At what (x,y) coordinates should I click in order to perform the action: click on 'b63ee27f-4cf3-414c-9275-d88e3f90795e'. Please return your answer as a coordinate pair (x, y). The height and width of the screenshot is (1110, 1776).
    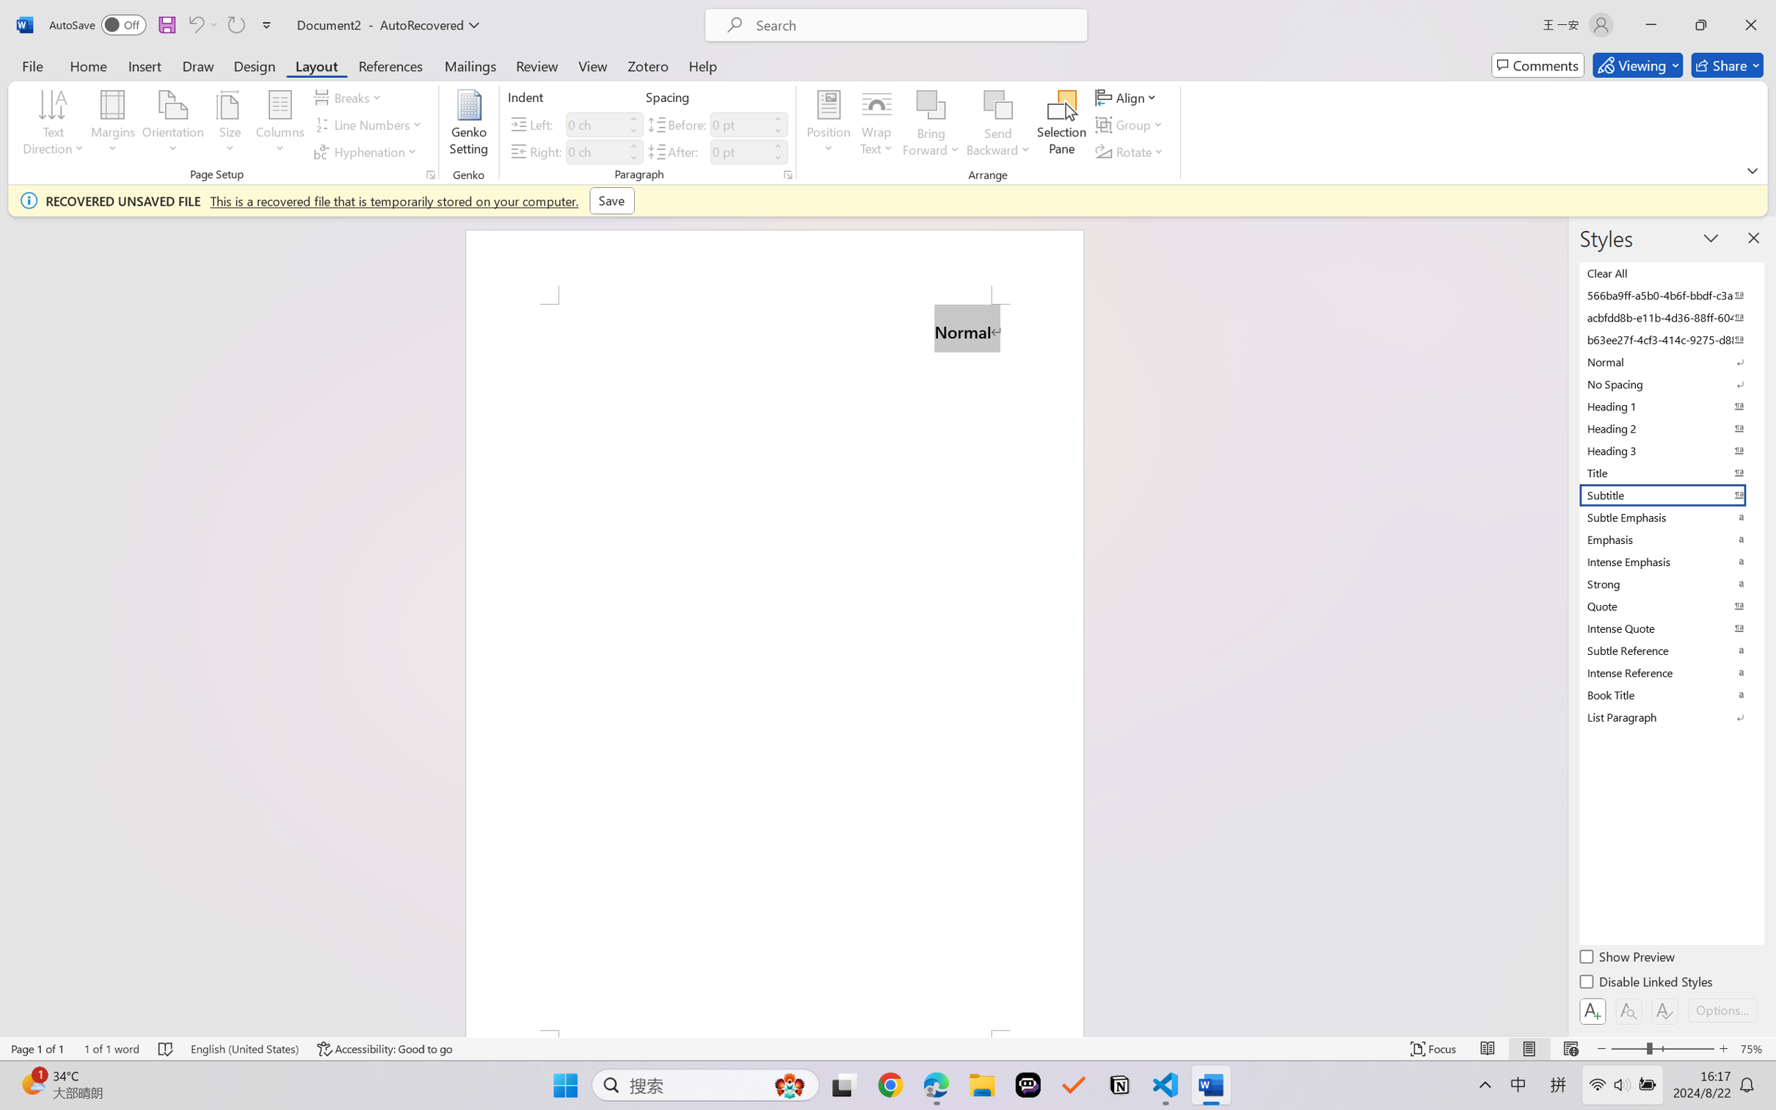
    Looking at the image, I should click on (1670, 338).